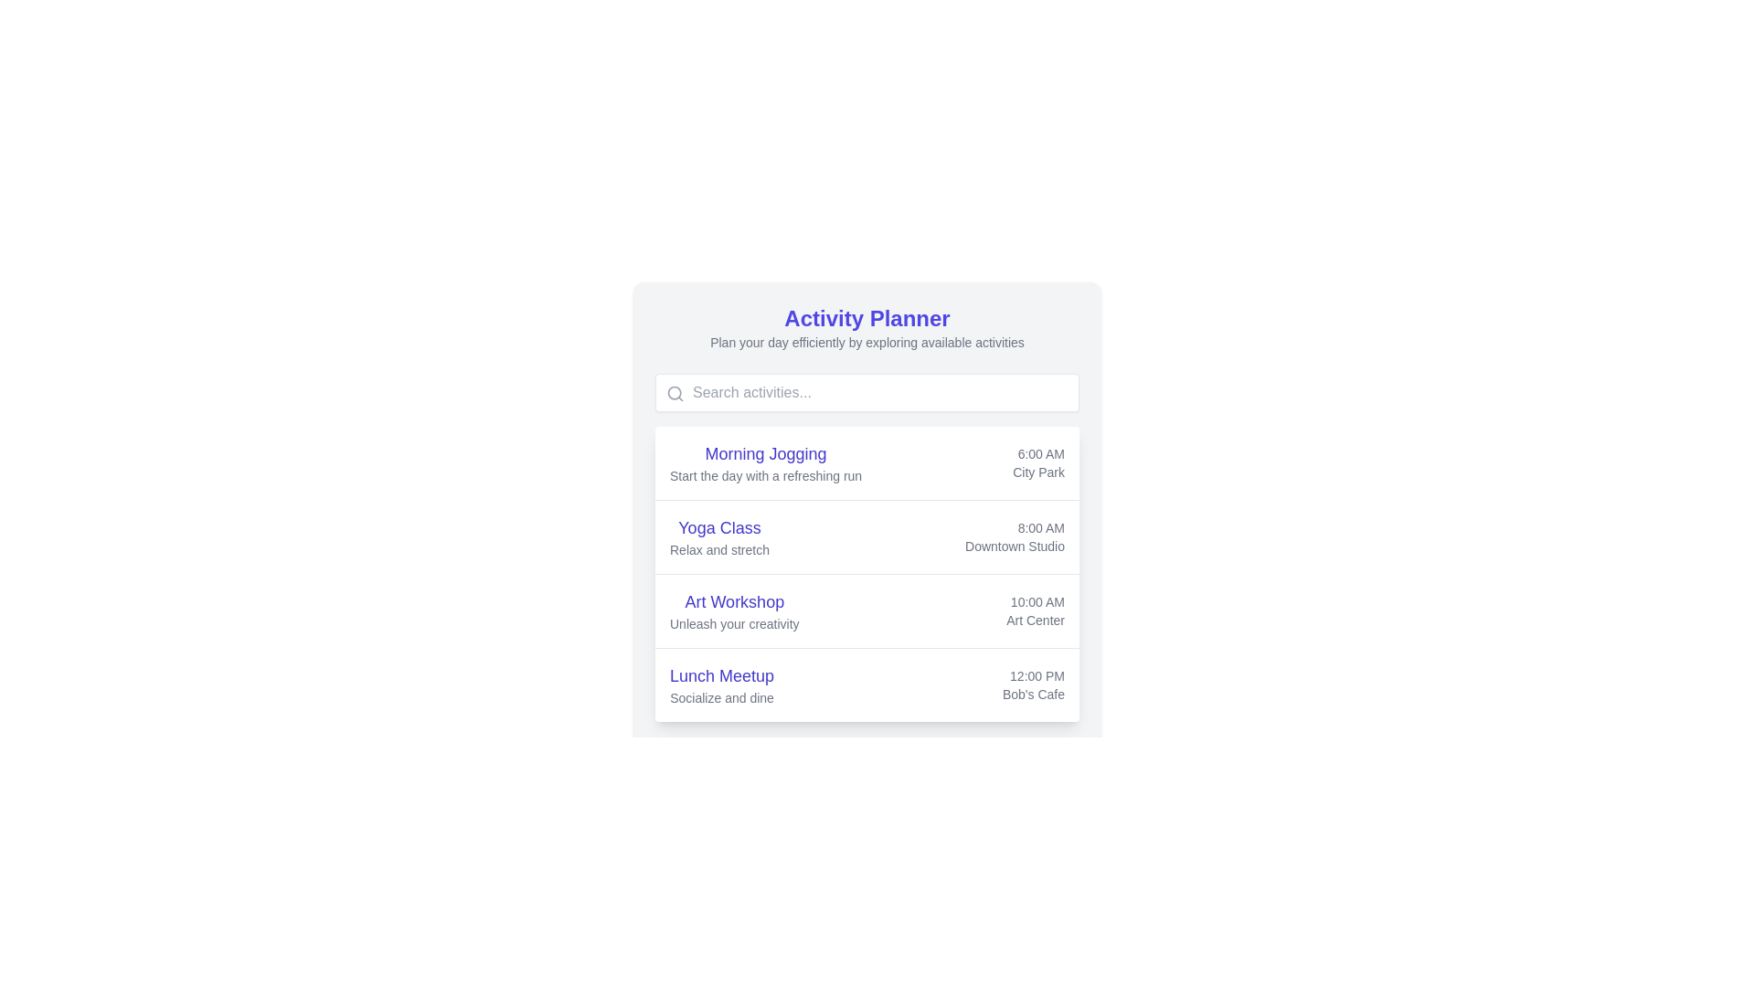 The width and height of the screenshot is (1755, 987). Describe the element at coordinates (867, 462) in the screenshot. I see `the first list item displaying information about a specific activity, including its title, brief description, scheduled time, and location` at that location.